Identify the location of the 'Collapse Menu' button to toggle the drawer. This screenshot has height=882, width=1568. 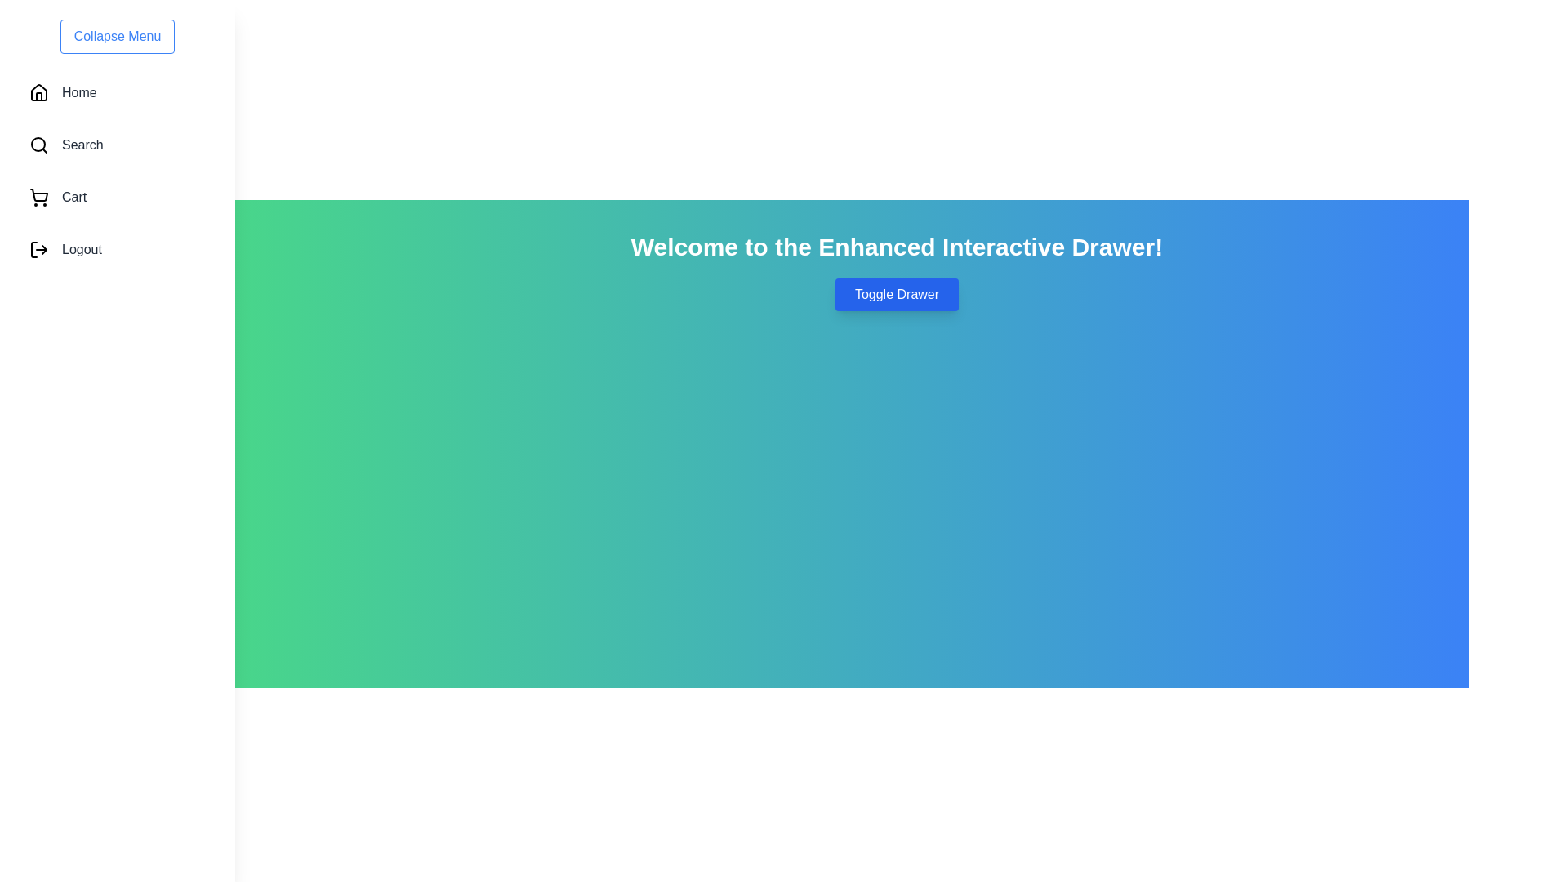
(117, 37).